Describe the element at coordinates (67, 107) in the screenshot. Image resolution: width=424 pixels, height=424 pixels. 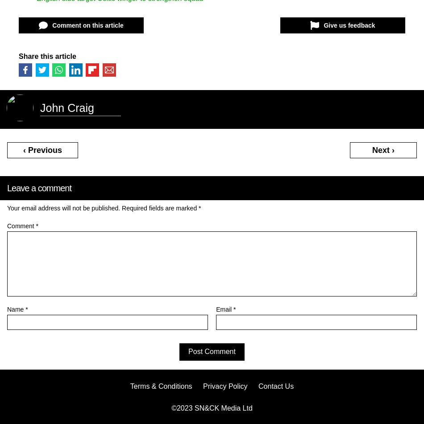
I see `'John Craig'` at that location.